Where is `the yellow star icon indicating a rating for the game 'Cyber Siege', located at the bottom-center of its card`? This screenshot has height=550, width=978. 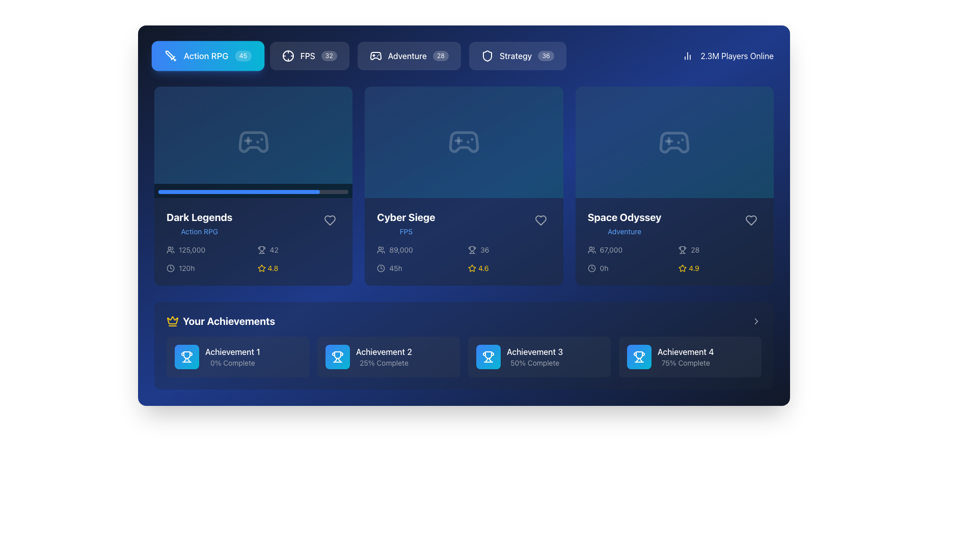
the yellow star icon indicating a rating for the game 'Cyber Siege', located at the bottom-center of its card is located at coordinates (471, 267).